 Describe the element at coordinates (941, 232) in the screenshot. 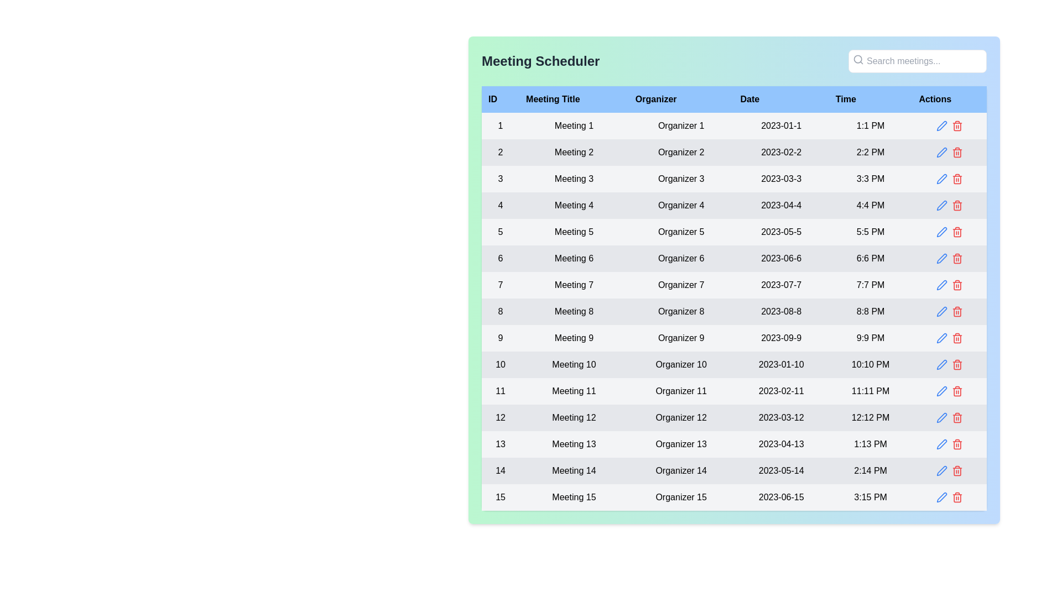

I see `the 'Edit' Interactive Icon located in the 'Actions' column of the table, specifically associated with the fifth row for the meeting on '2023-05-5' at '5:5 PM'` at that location.